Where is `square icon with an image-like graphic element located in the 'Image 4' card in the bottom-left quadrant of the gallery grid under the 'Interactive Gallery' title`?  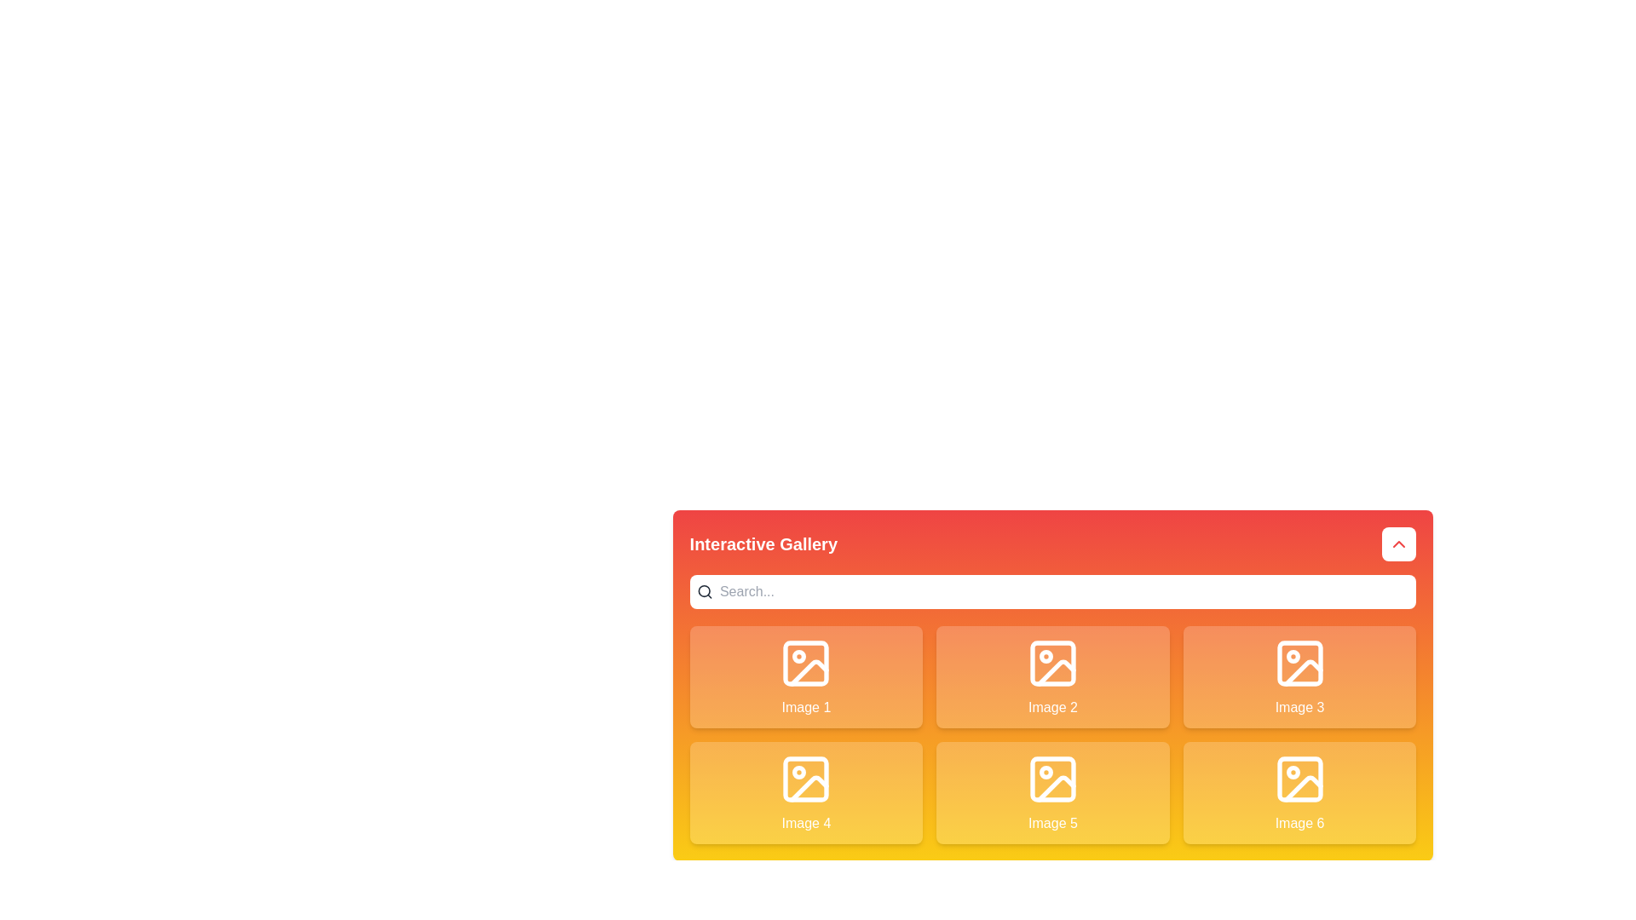 square icon with an image-like graphic element located in the 'Image 4' card in the bottom-left quadrant of the gallery grid under the 'Interactive Gallery' title is located at coordinates (805, 779).